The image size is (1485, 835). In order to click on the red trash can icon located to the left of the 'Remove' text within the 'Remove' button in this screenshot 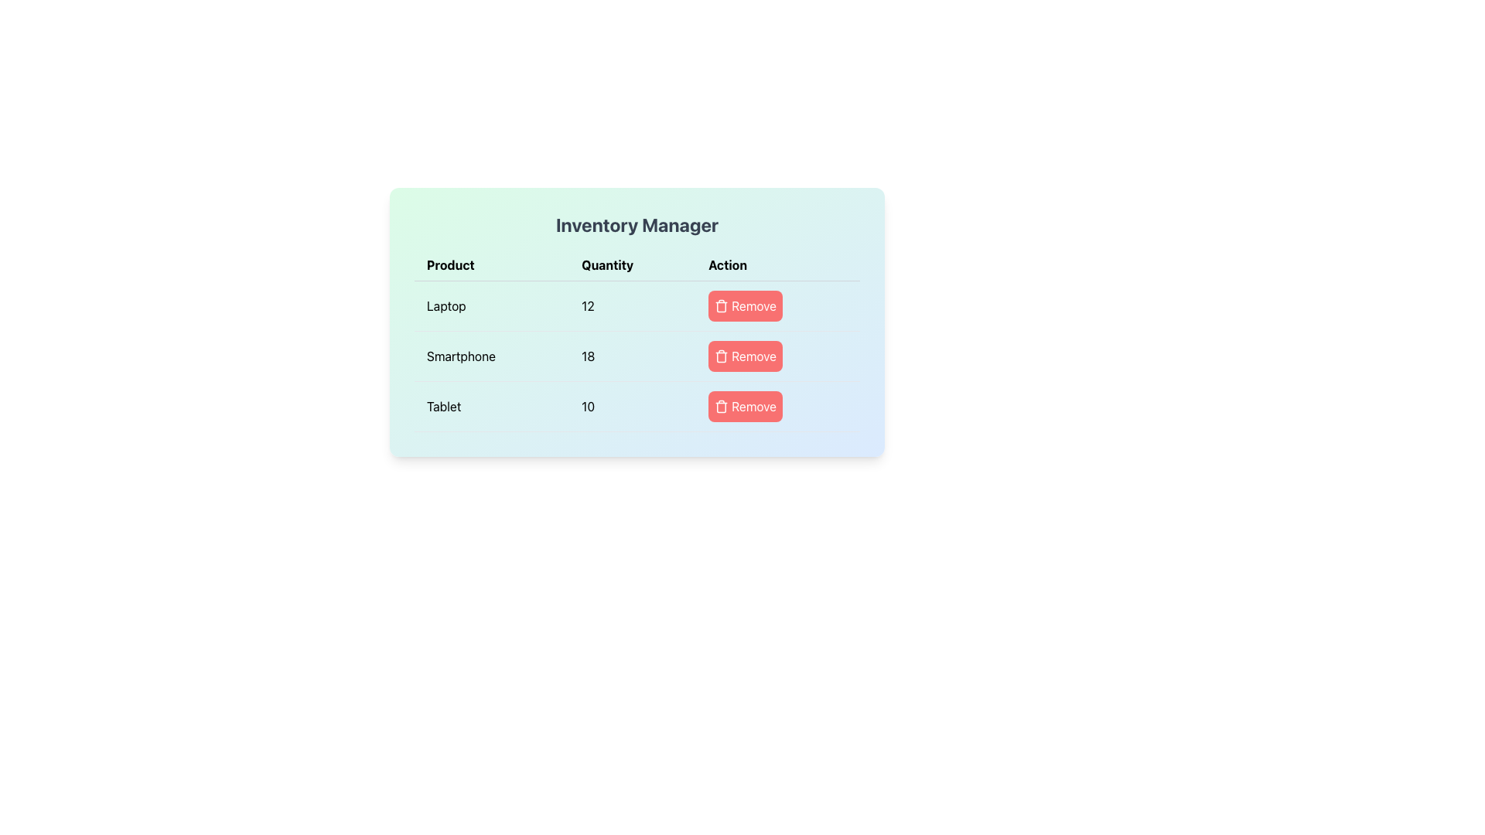, I will do `click(721, 405)`.